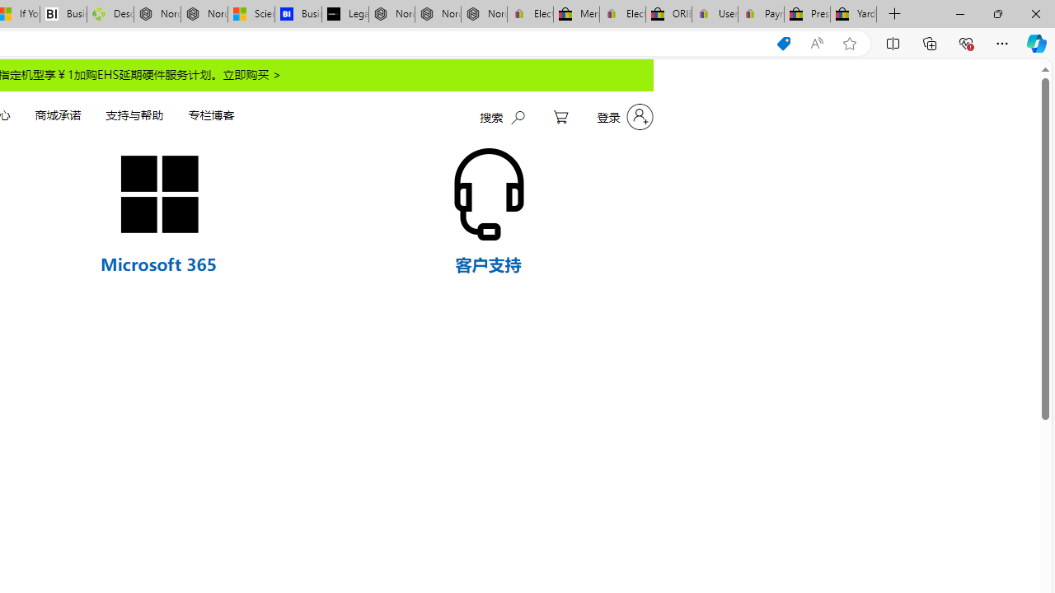 The height and width of the screenshot is (593, 1055). Describe the element at coordinates (560, 116) in the screenshot. I see `'My Cart'` at that location.